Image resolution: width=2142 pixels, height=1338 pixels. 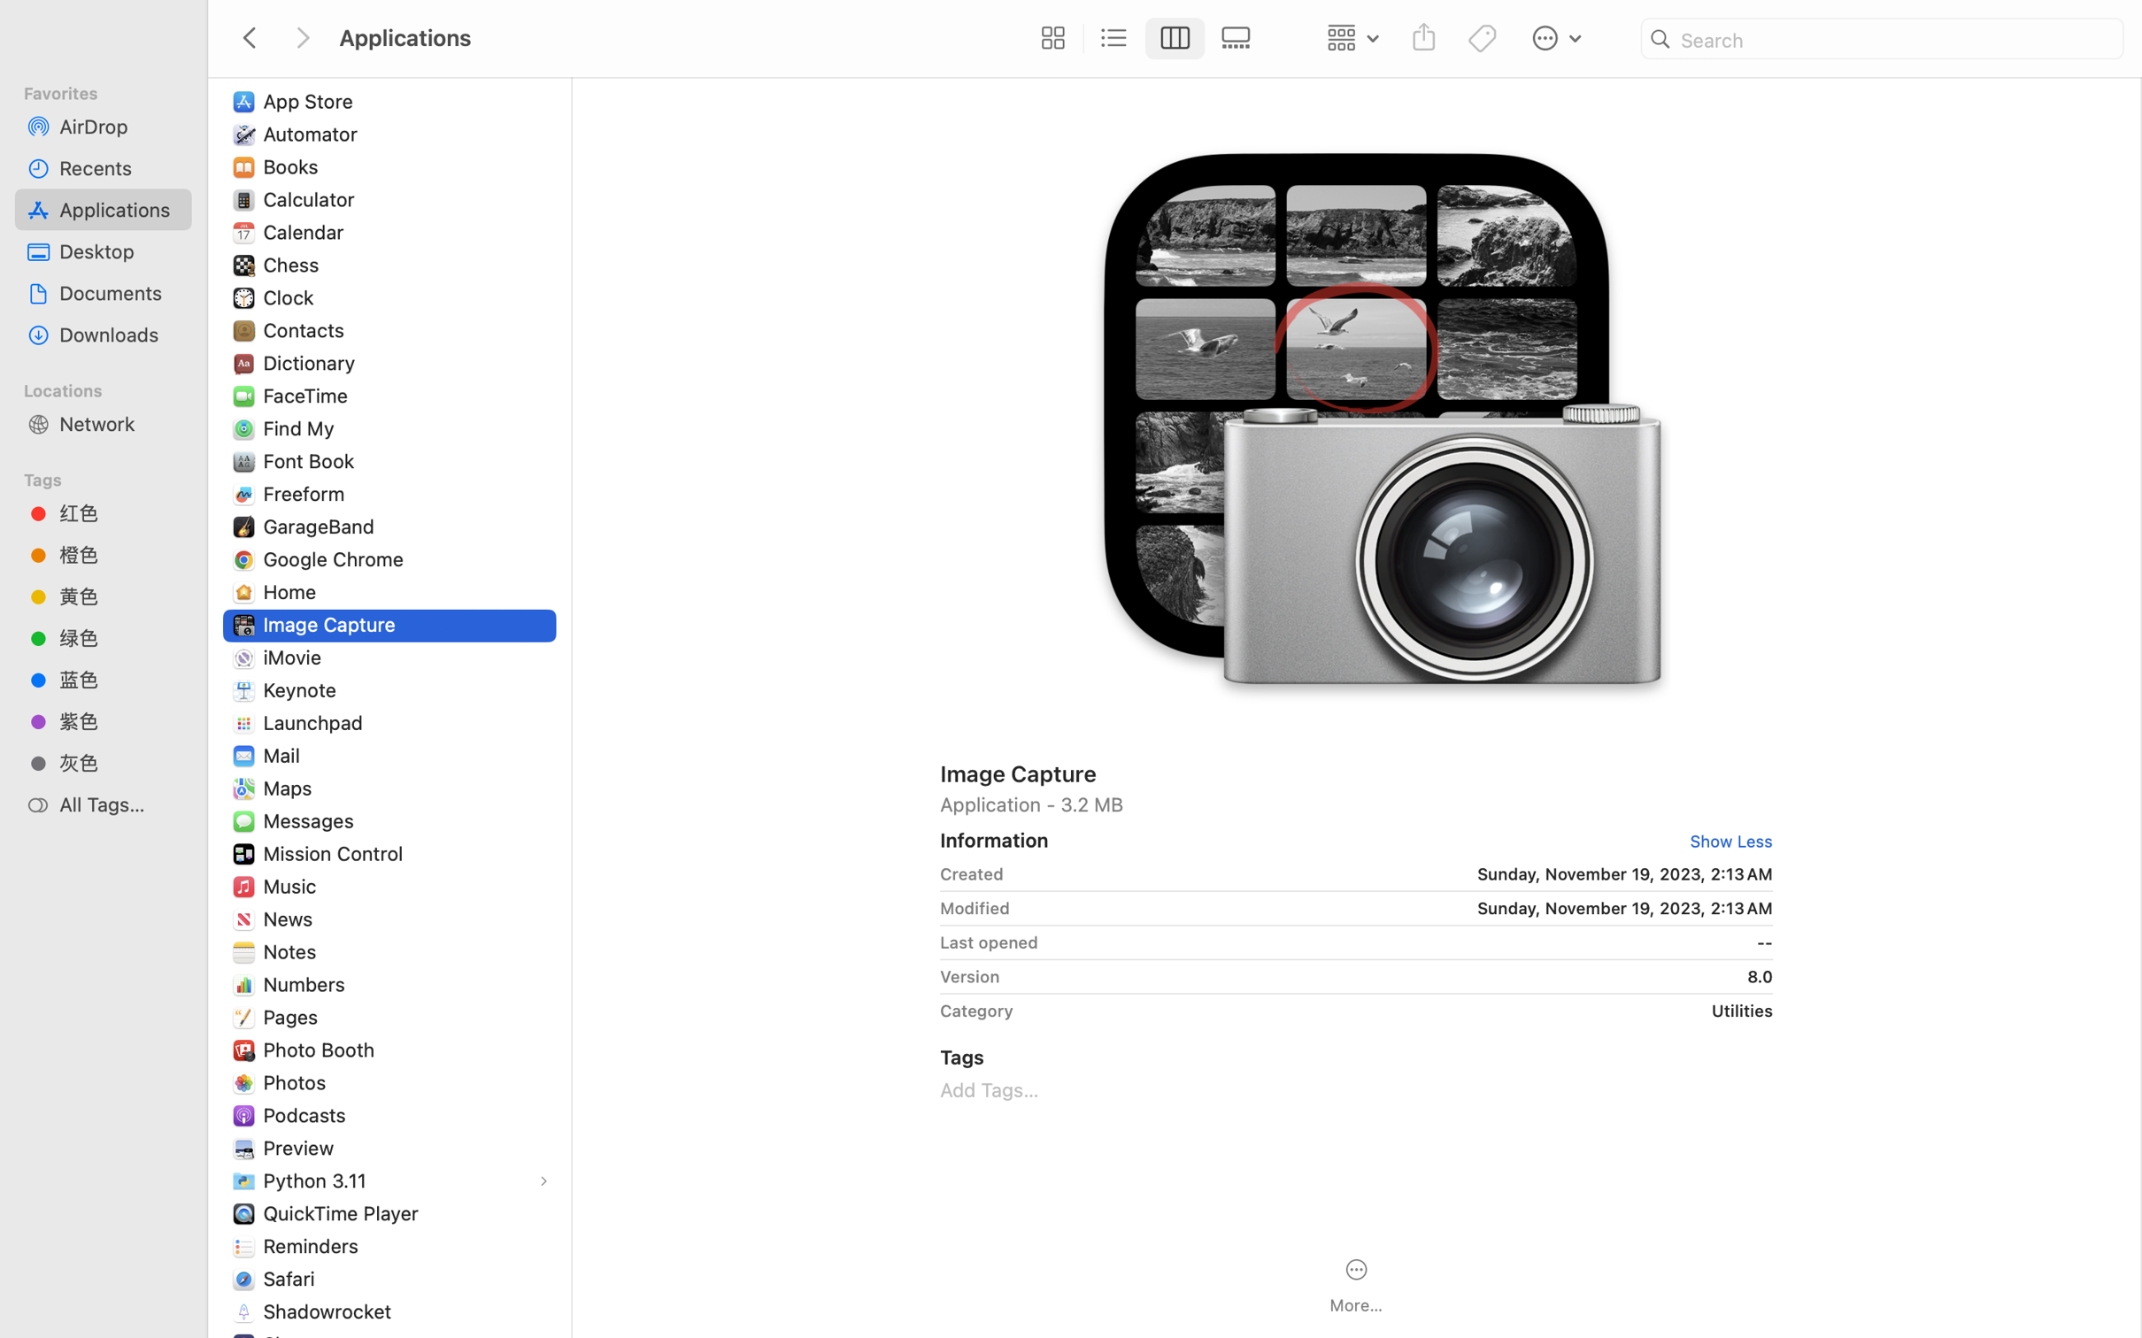 What do you see at coordinates (994, 839) in the screenshot?
I see `'Information'` at bounding box center [994, 839].